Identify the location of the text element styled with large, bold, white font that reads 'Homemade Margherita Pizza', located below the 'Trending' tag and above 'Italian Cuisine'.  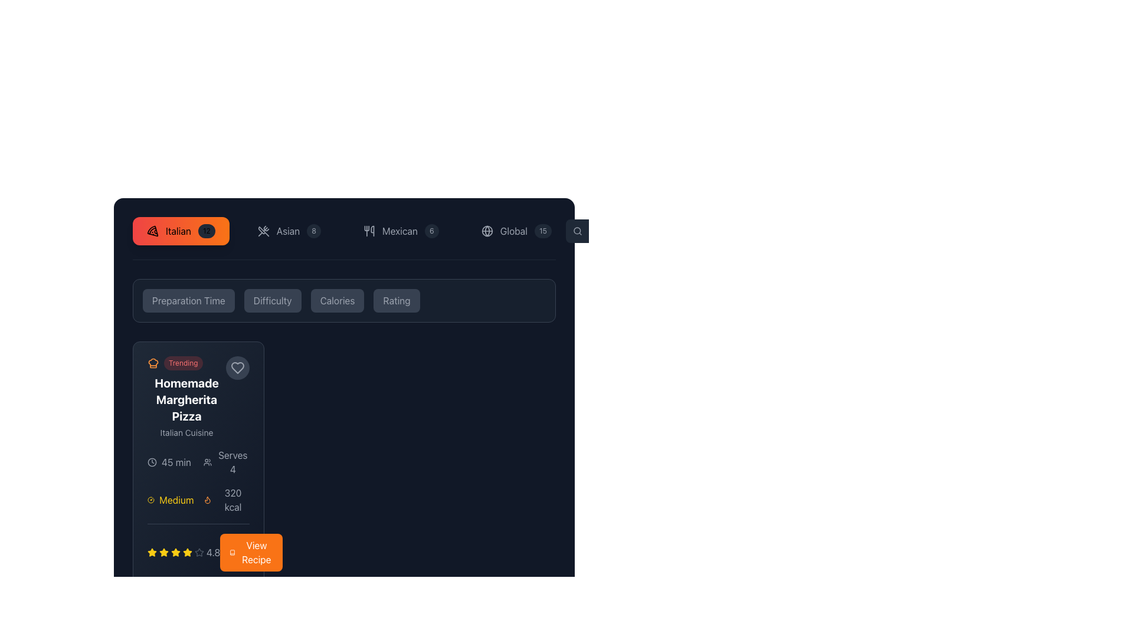
(186, 399).